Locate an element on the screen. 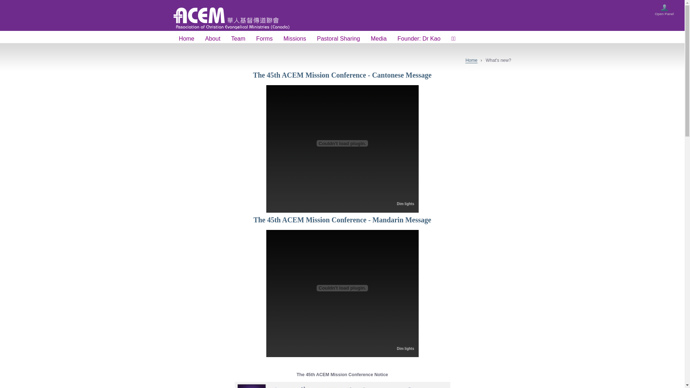 The width and height of the screenshot is (690, 388). 'Founder: Dr Kao' is located at coordinates (419, 39).